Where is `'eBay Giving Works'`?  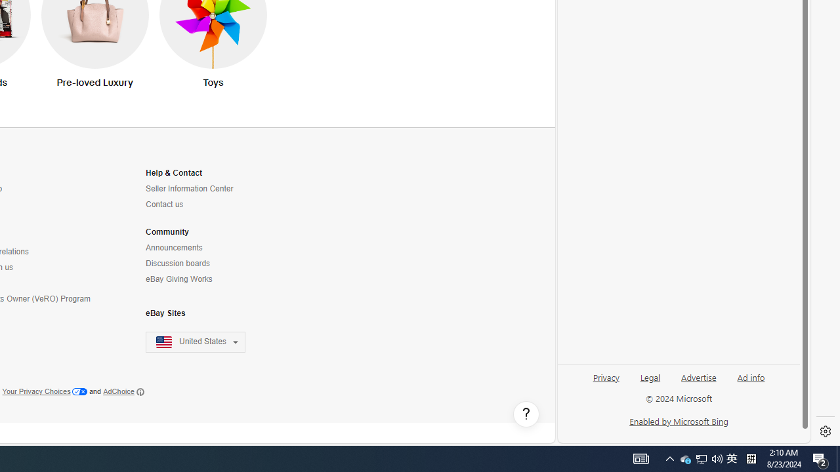 'eBay Giving Works' is located at coordinates (178, 279).